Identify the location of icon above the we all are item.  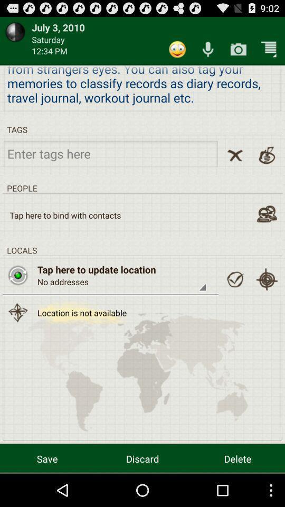
(269, 49).